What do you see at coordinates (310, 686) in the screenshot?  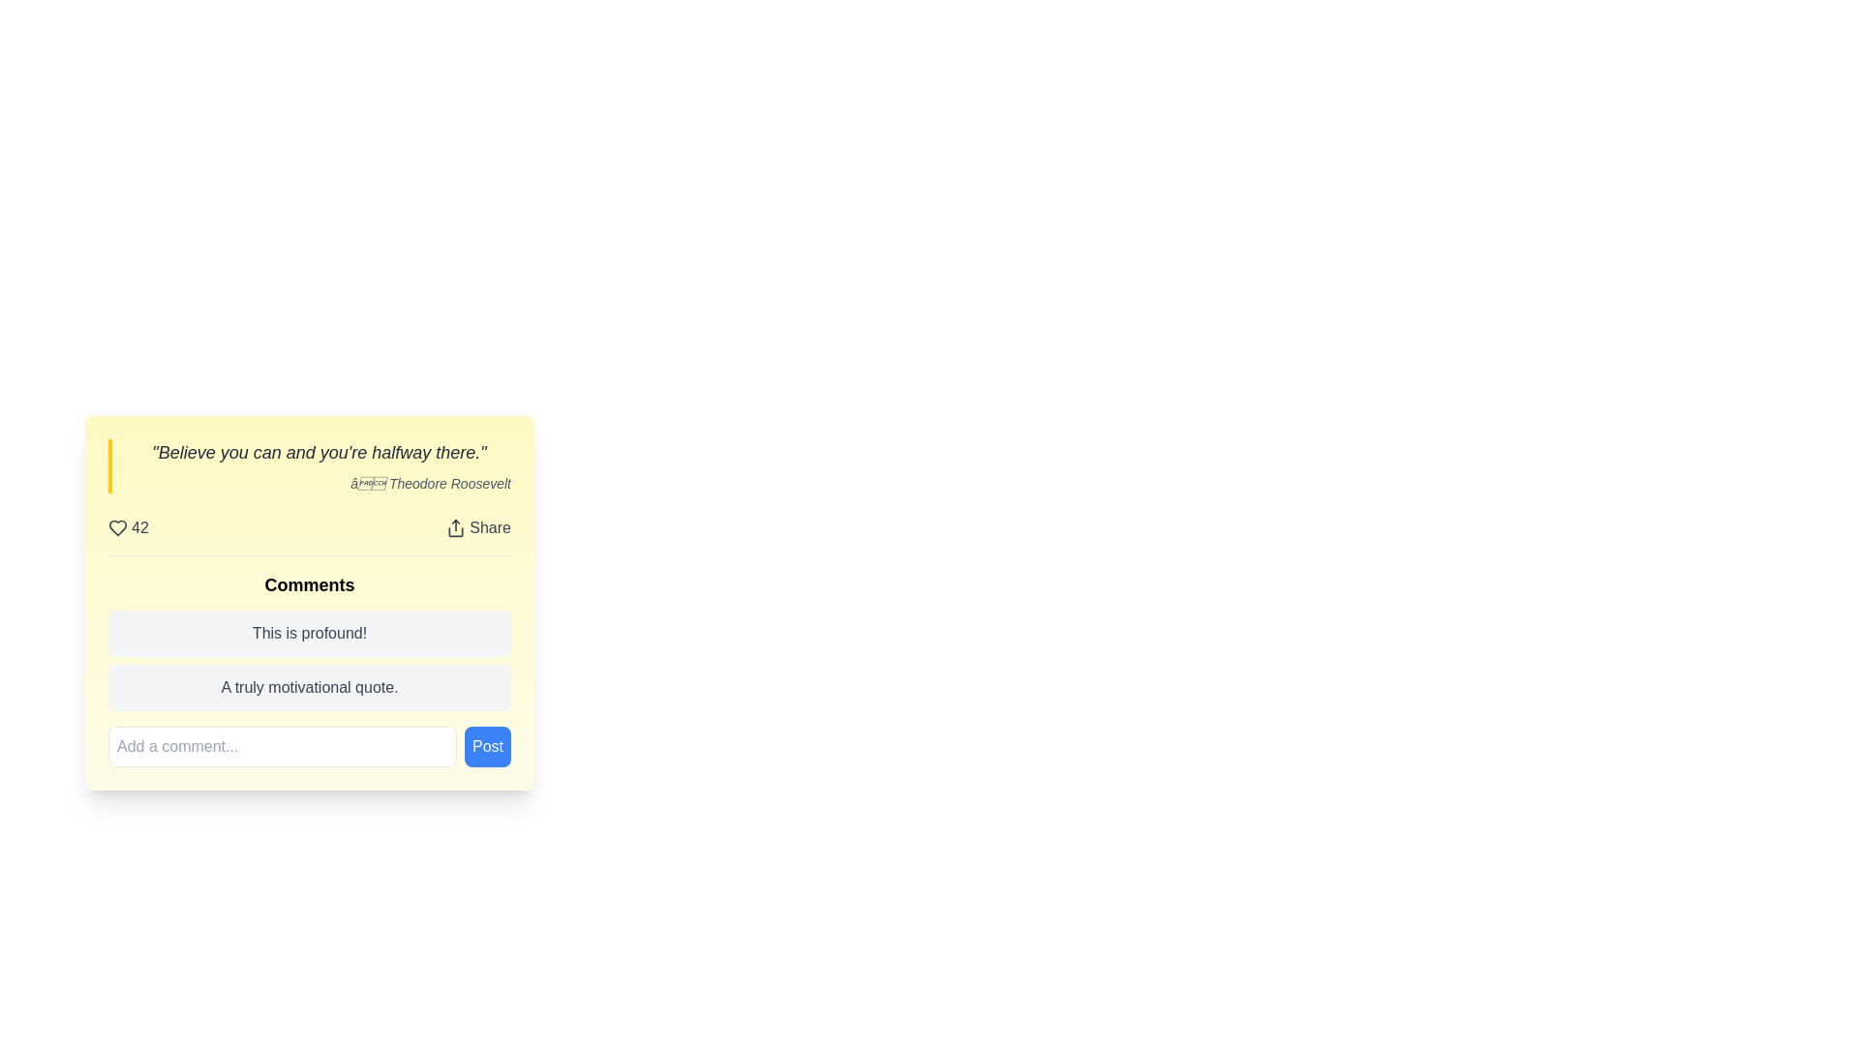 I see `the text block element that reads 'A truly motivational quote.' with a light gray background, located centrally below the sibling text block 'This is profound!'` at bounding box center [310, 686].